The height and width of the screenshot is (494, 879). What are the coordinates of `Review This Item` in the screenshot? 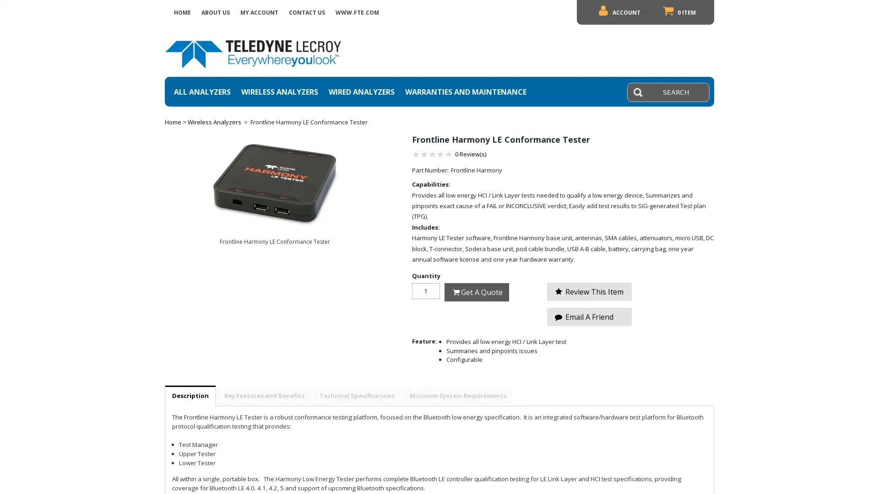 It's located at (589, 291).